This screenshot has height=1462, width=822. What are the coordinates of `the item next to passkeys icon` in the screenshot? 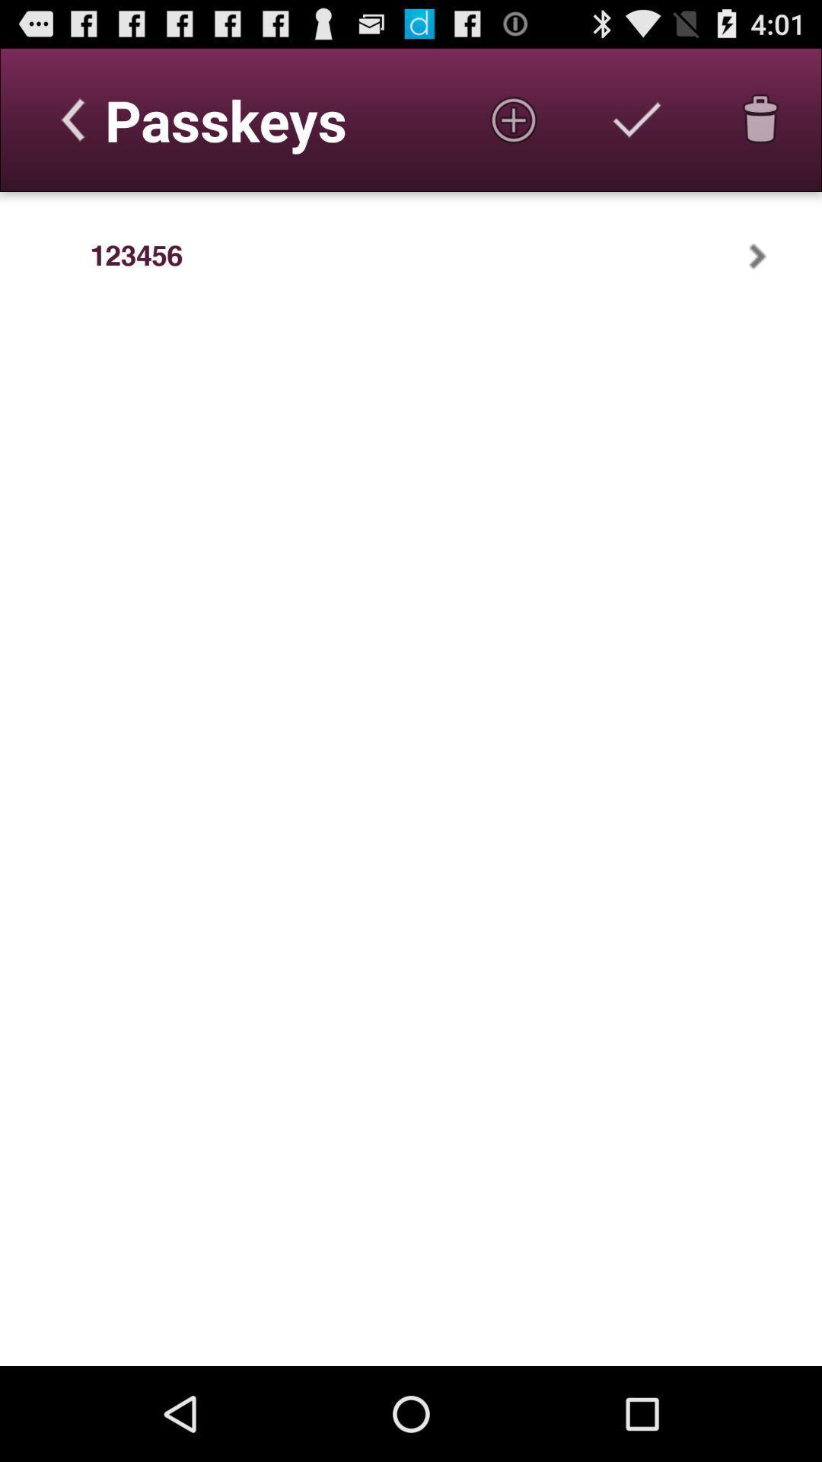 It's located at (514, 119).